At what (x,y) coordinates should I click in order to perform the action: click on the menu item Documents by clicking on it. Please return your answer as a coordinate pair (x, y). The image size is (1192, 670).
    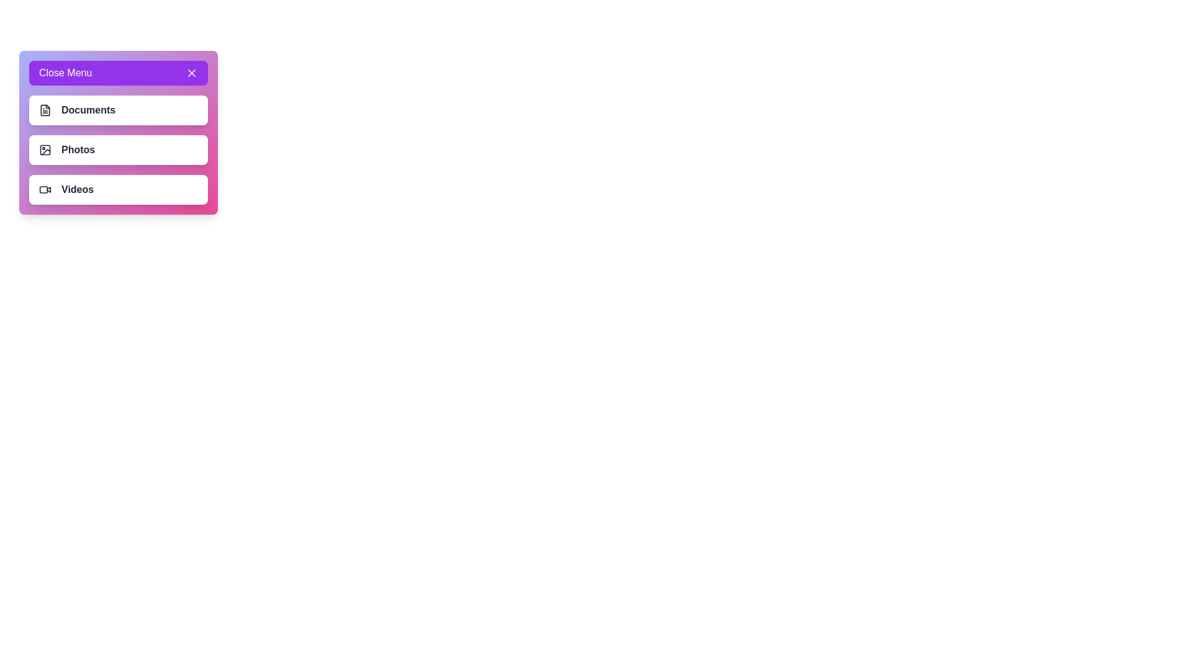
    Looking at the image, I should click on (119, 109).